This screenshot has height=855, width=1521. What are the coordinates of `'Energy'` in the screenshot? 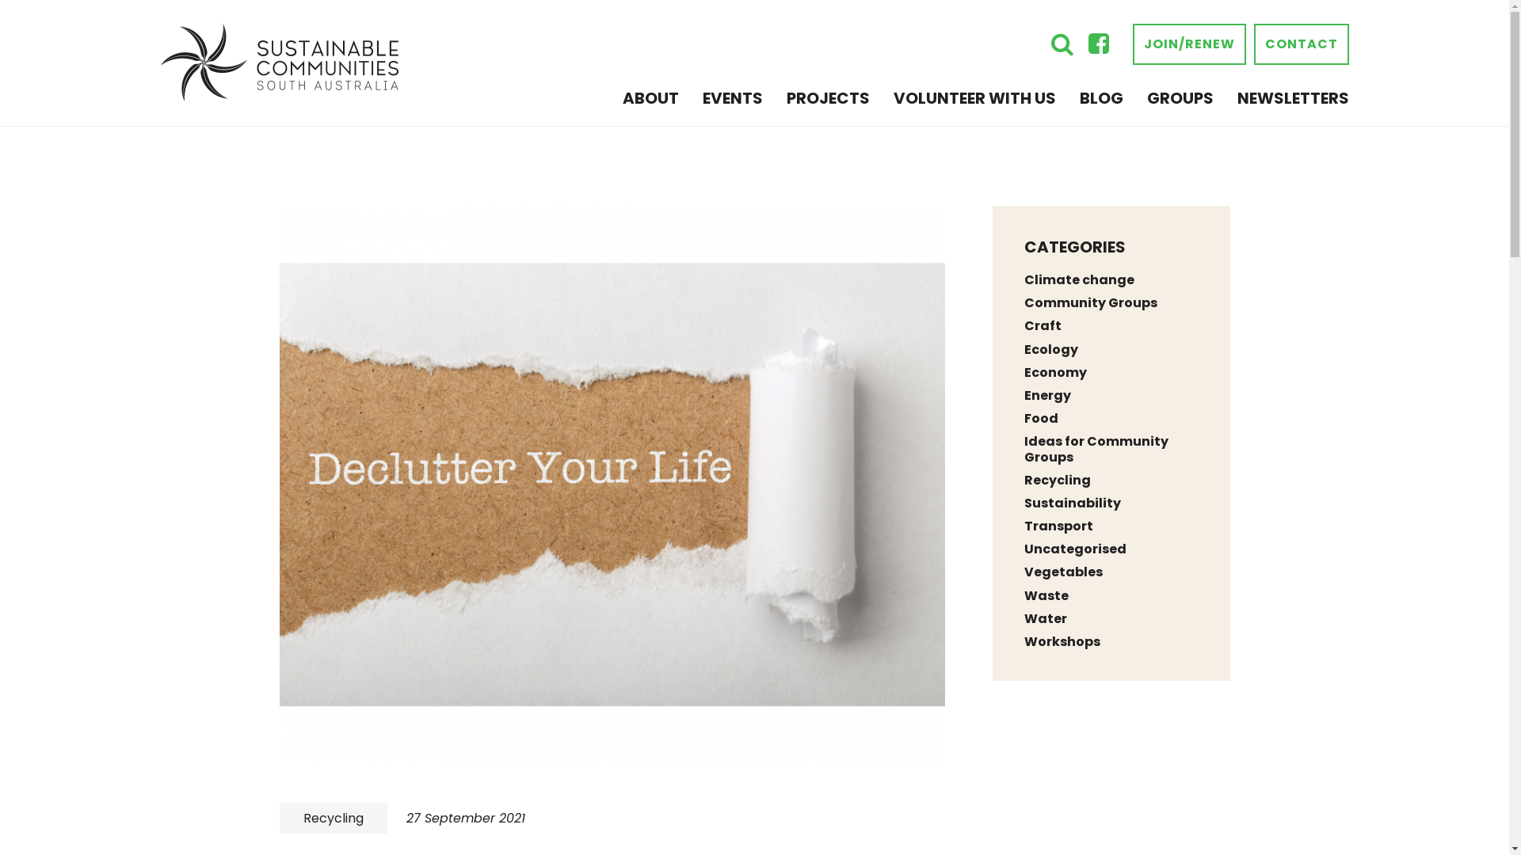 It's located at (1046, 394).